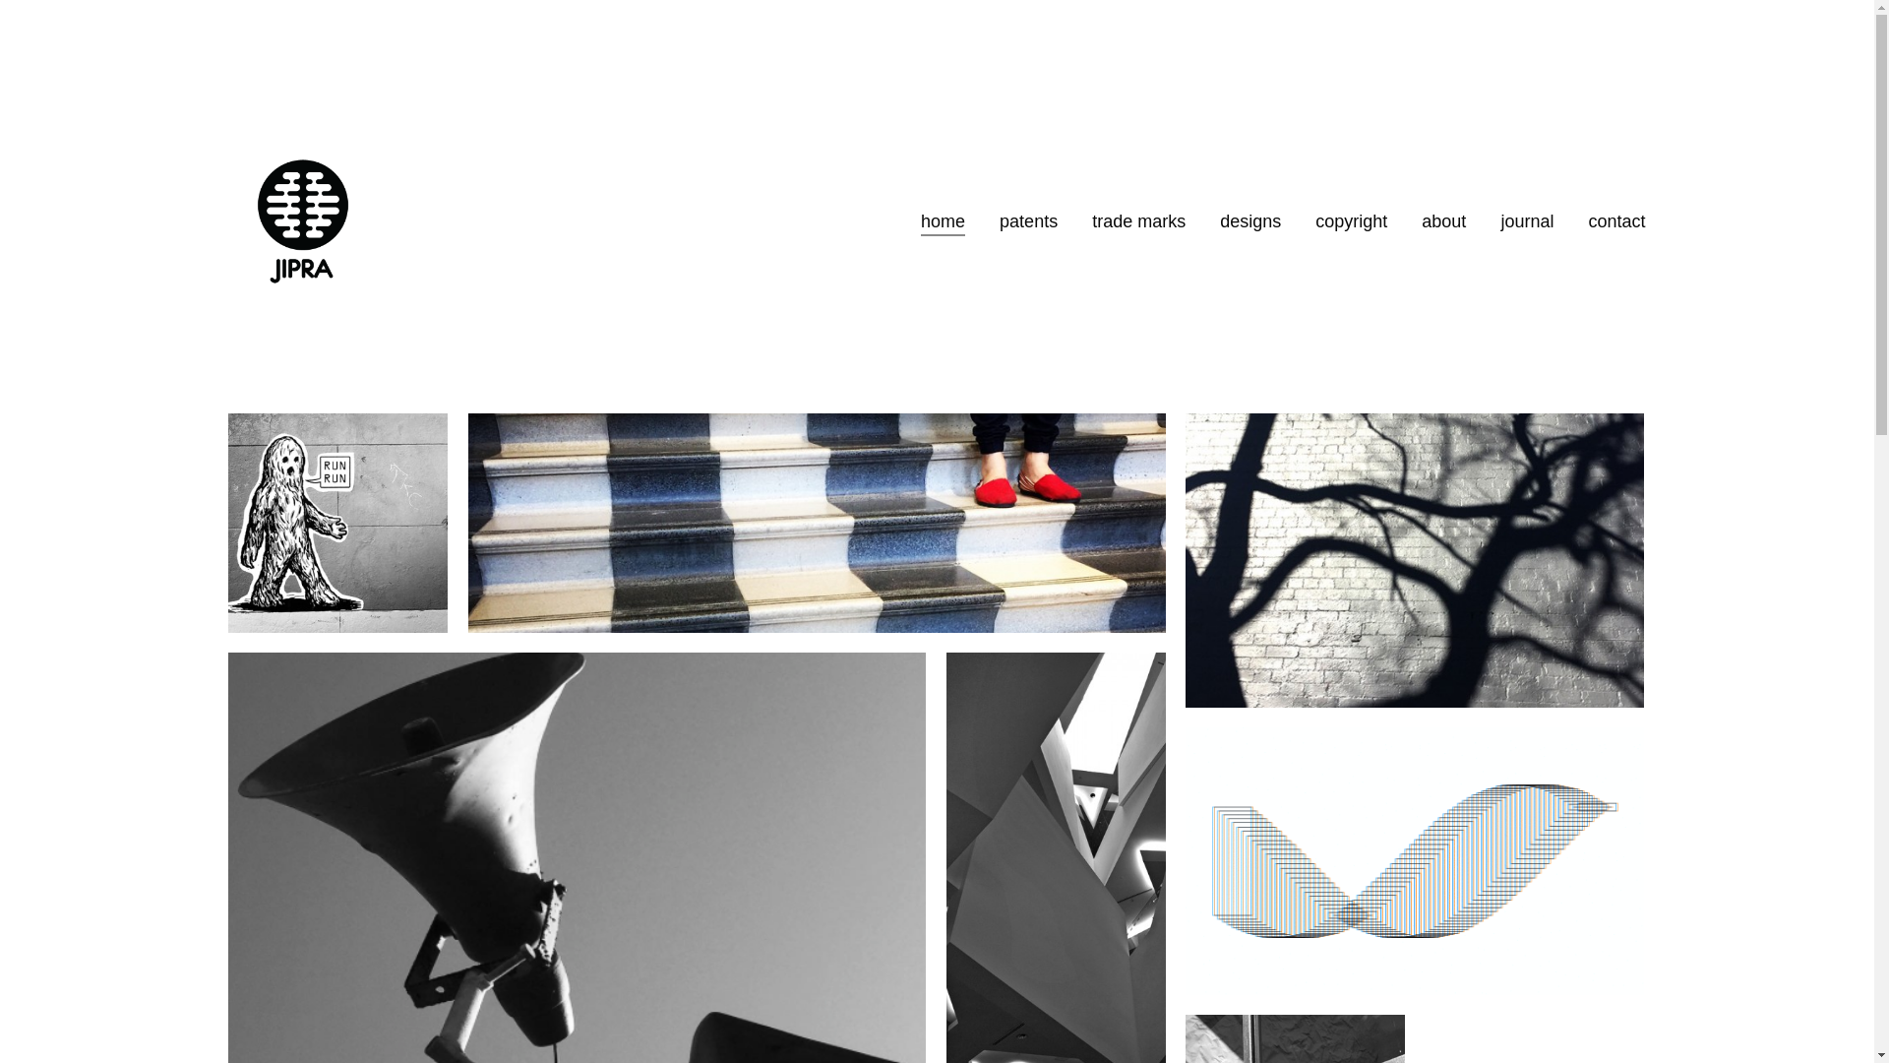  Describe the element at coordinates (1525, 220) in the screenshot. I see `'journal'` at that location.